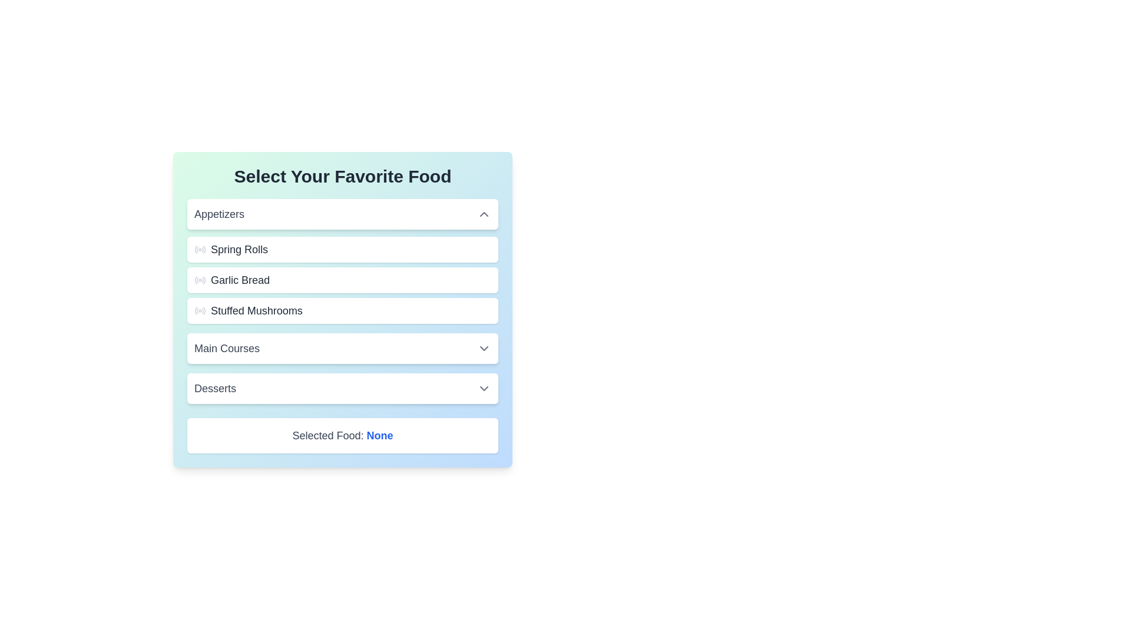 The width and height of the screenshot is (1131, 636). Describe the element at coordinates (239, 249) in the screenshot. I see `the 'Spring Rolls' text label in the appetizers menu, which is the second option in a vertically aligned list` at that location.